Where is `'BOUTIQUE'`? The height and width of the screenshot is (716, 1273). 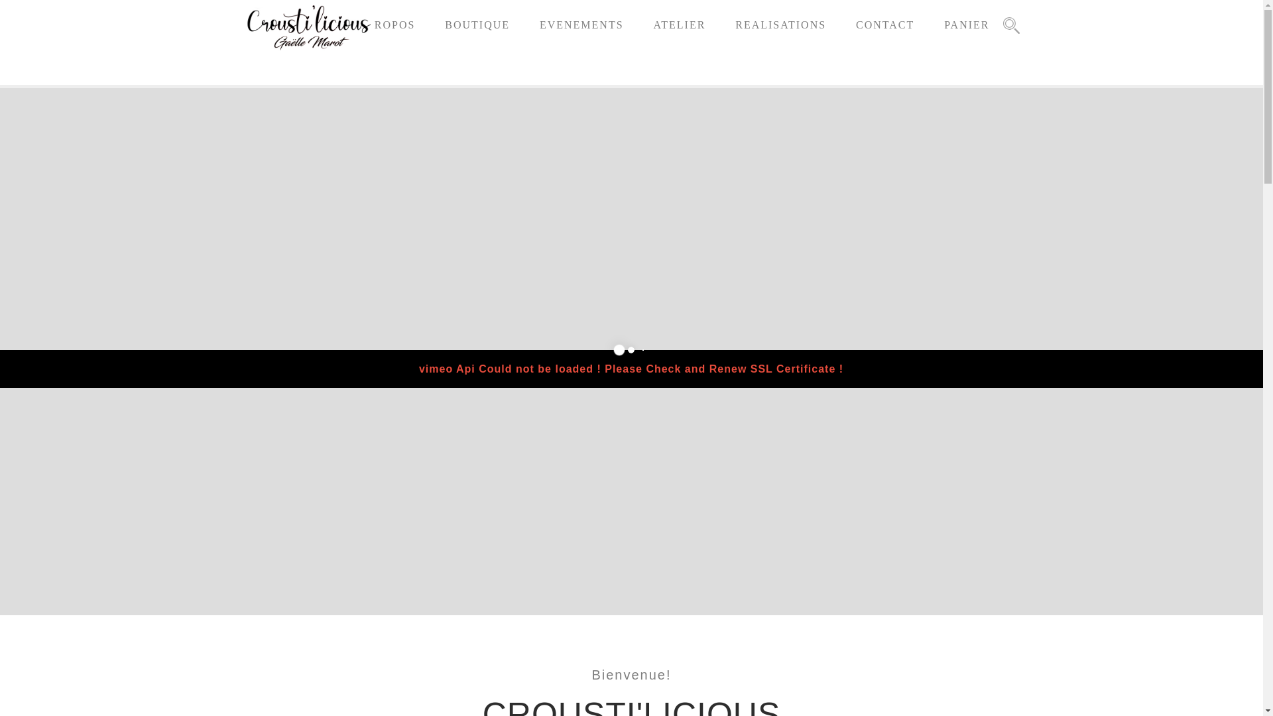 'BOUTIQUE' is located at coordinates (477, 25).